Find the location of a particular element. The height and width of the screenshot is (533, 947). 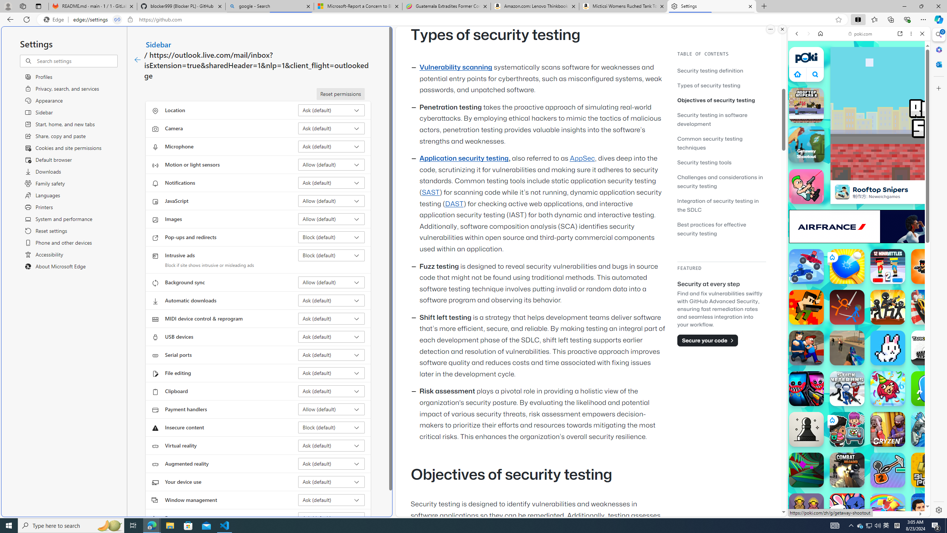

'Fonts Ask (default)' is located at coordinates (331, 517).